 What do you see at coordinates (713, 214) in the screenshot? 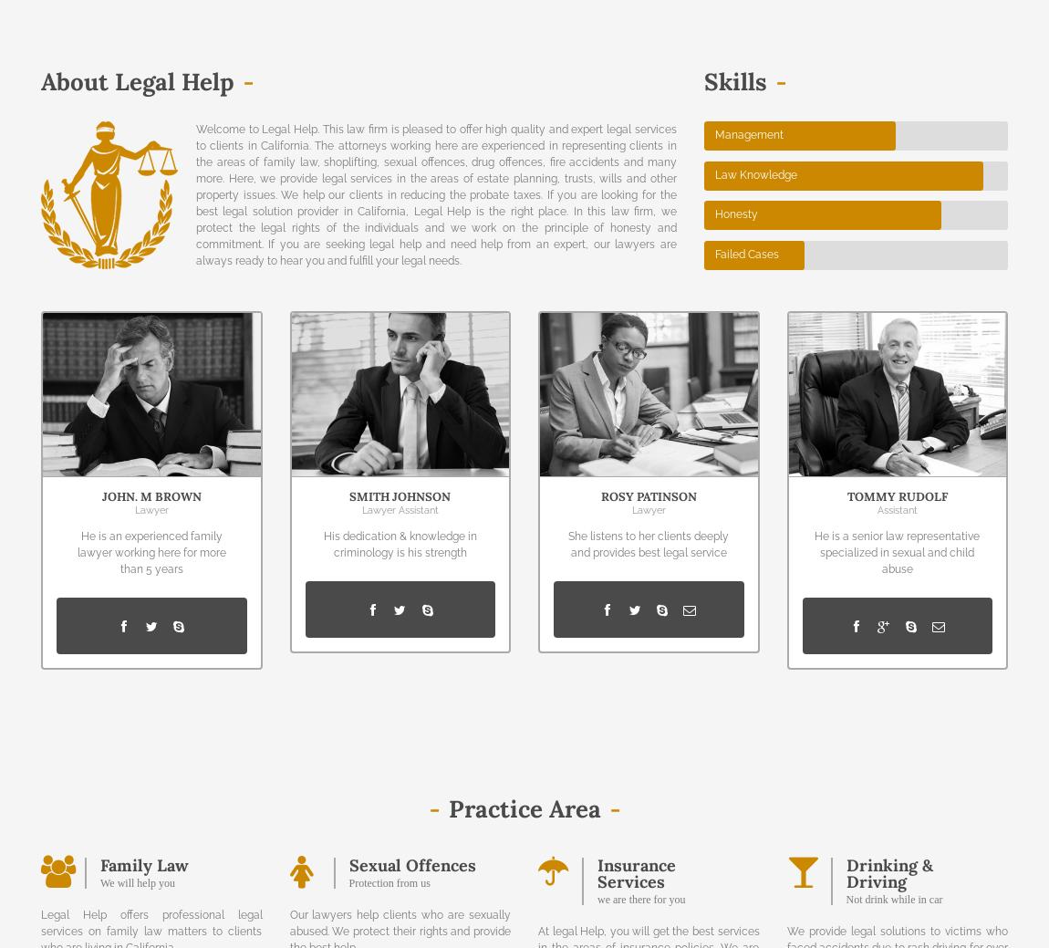
I see `'Honesty'` at bounding box center [713, 214].